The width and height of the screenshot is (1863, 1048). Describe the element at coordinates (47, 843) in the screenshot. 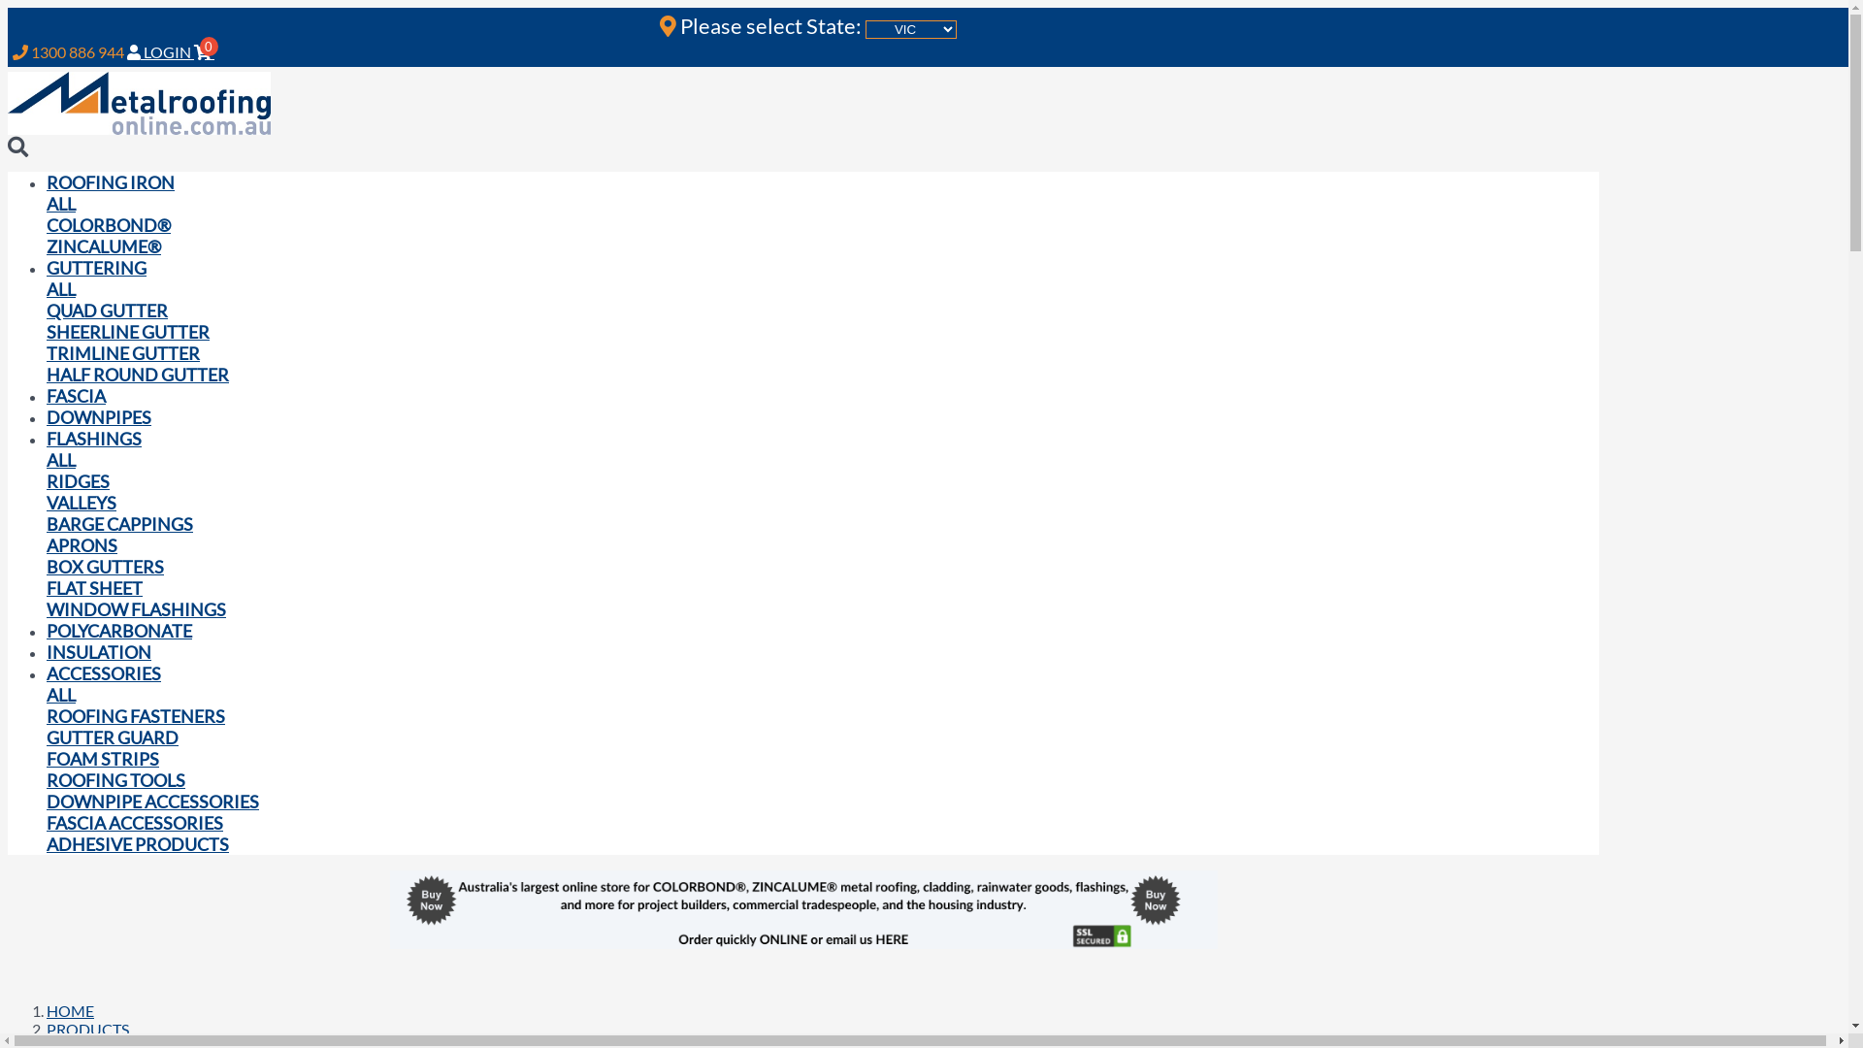

I see `'ADHESIVE PRODUCTS'` at that location.